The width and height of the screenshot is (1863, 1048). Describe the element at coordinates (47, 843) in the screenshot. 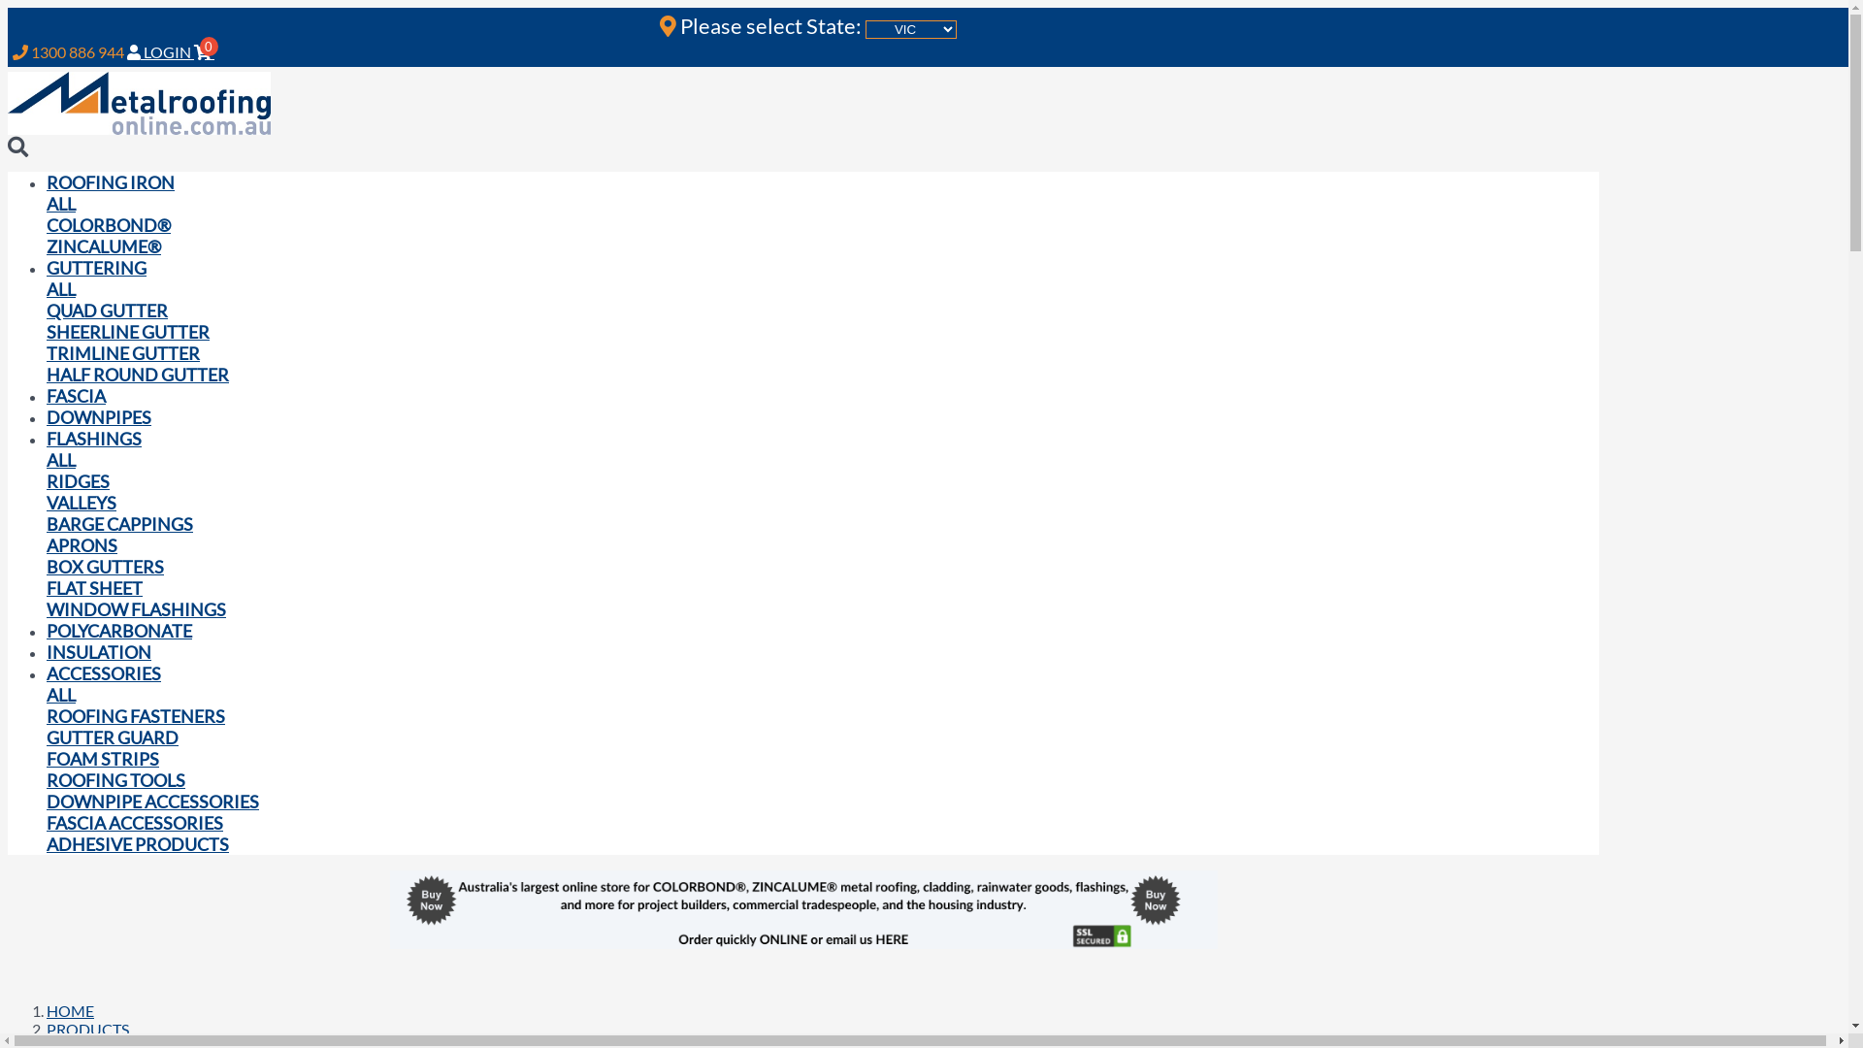

I see `'ADHESIVE PRODUCTS'` at that location.